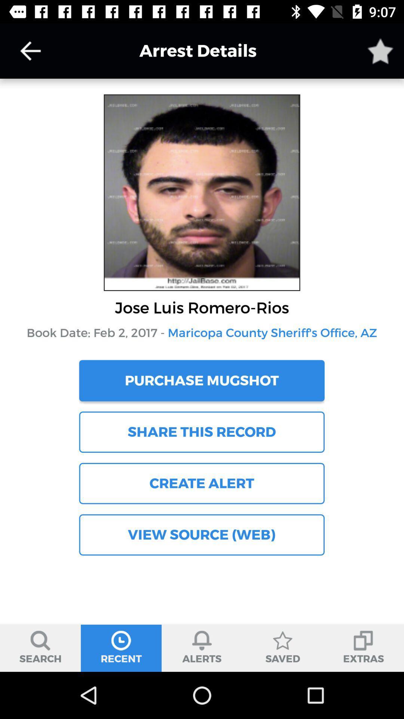 The height and width of the screenshot is (719, 404). What do you see at coordinates (380, 51) in the screenshot?
I see `icon next to the       arrest details` at bounding box center [380, 51].